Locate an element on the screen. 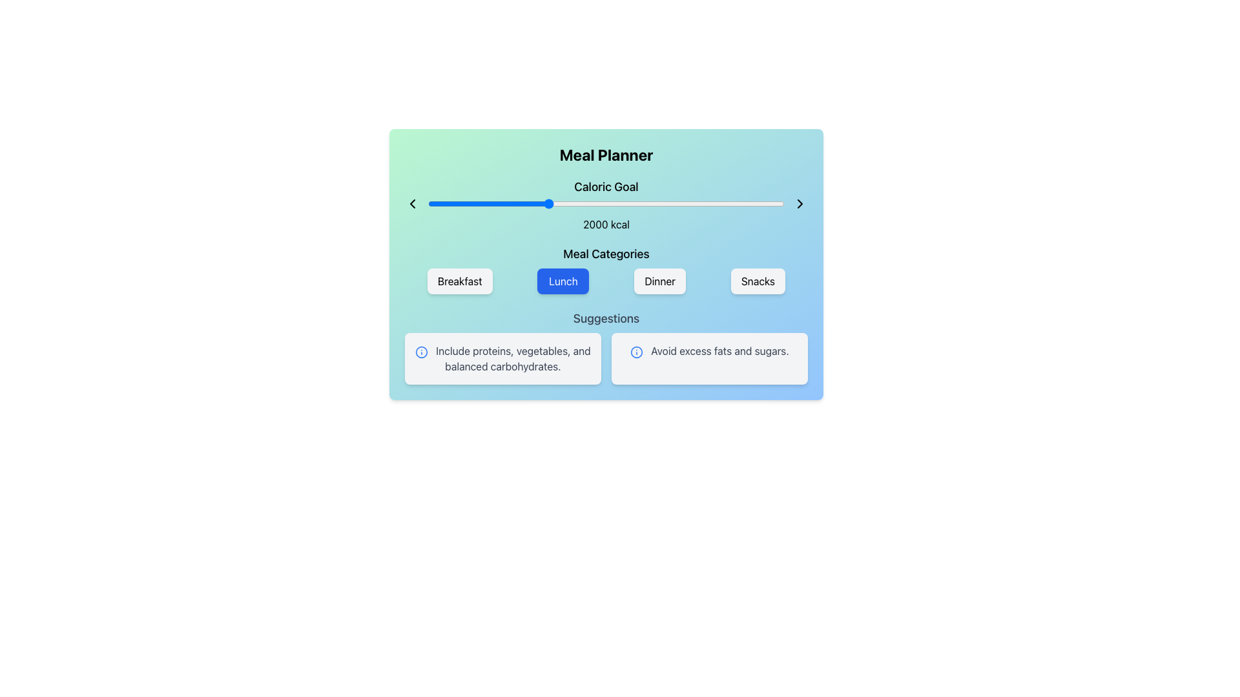  the caloric goal is located at coordinates (480, 203).